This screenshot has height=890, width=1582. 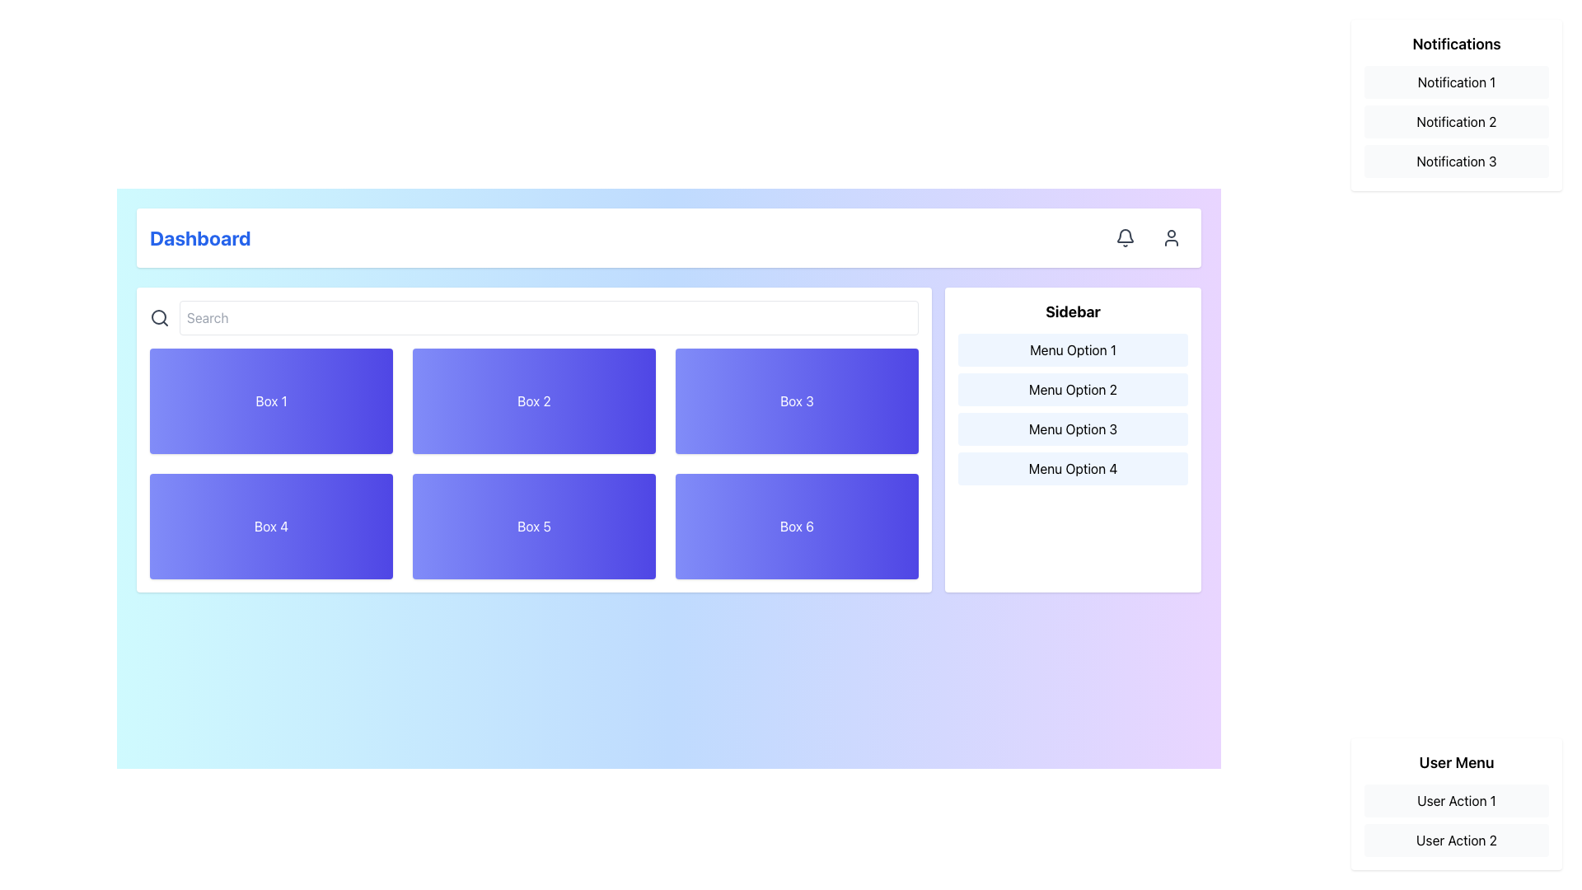 What do you see at coordinates (1456, 800) in the screenshot?
I see `the first option in the 'User Menu' that represents an interactive menu action` at bounding box center [1456, 800].